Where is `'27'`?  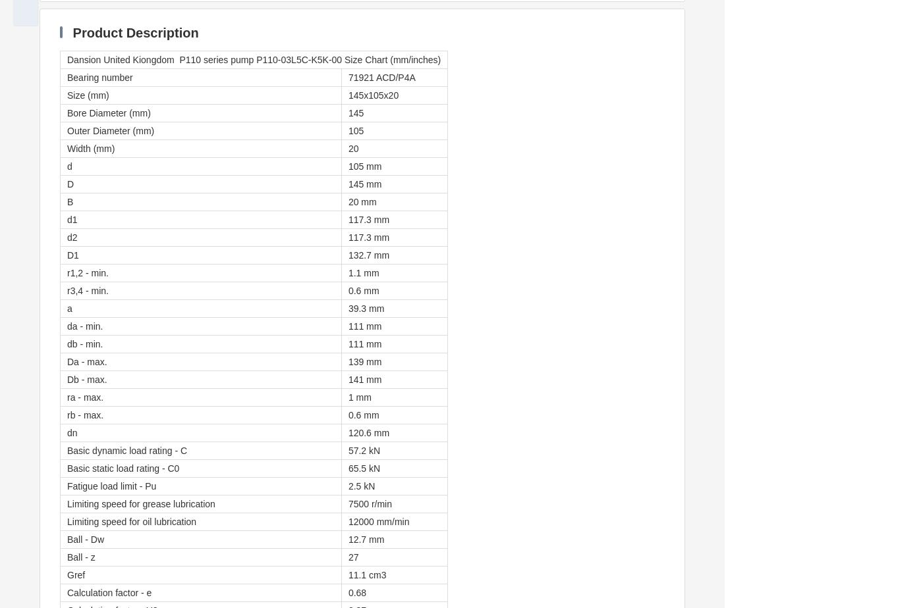 '27' is located at coordinates (347, 557).